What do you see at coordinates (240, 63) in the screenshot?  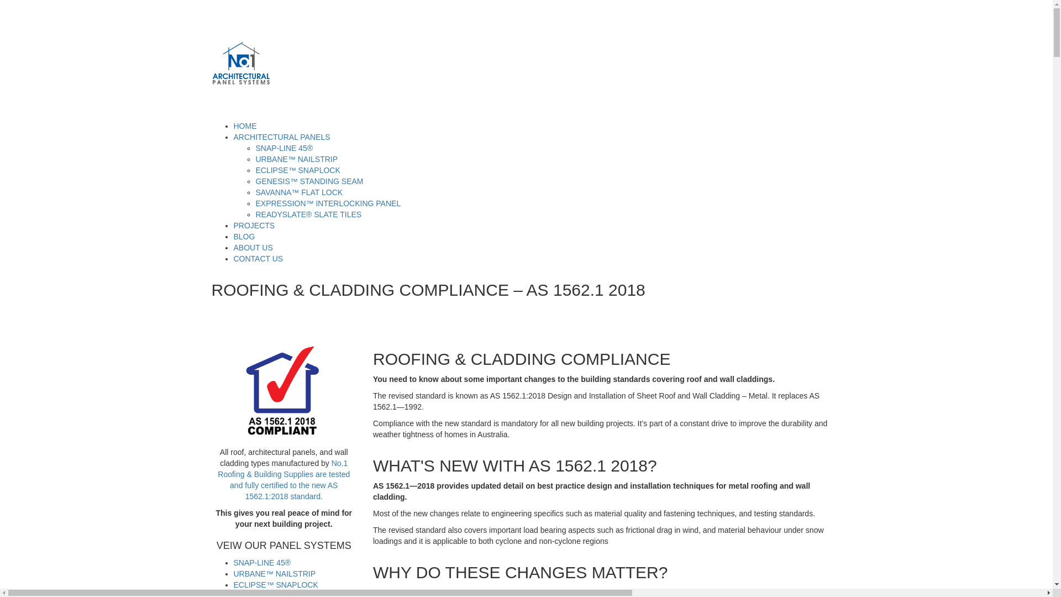 I see `'There is no equivalent'` at bounding box center [240, 63].